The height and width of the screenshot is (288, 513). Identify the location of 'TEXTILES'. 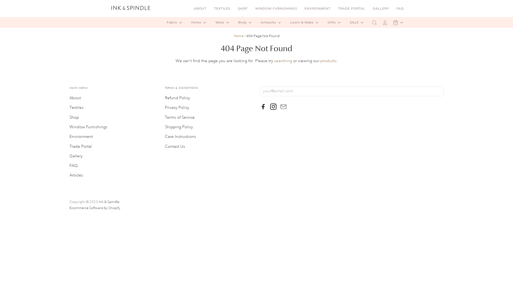
(222, 8).